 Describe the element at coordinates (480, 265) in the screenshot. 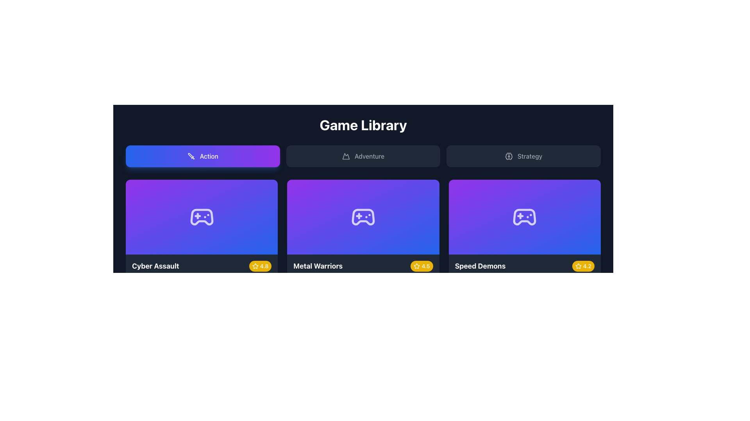

I see `the static text displaying the title of the specific item at the bottom of the third card in a horizontal list of three cards` at that location.